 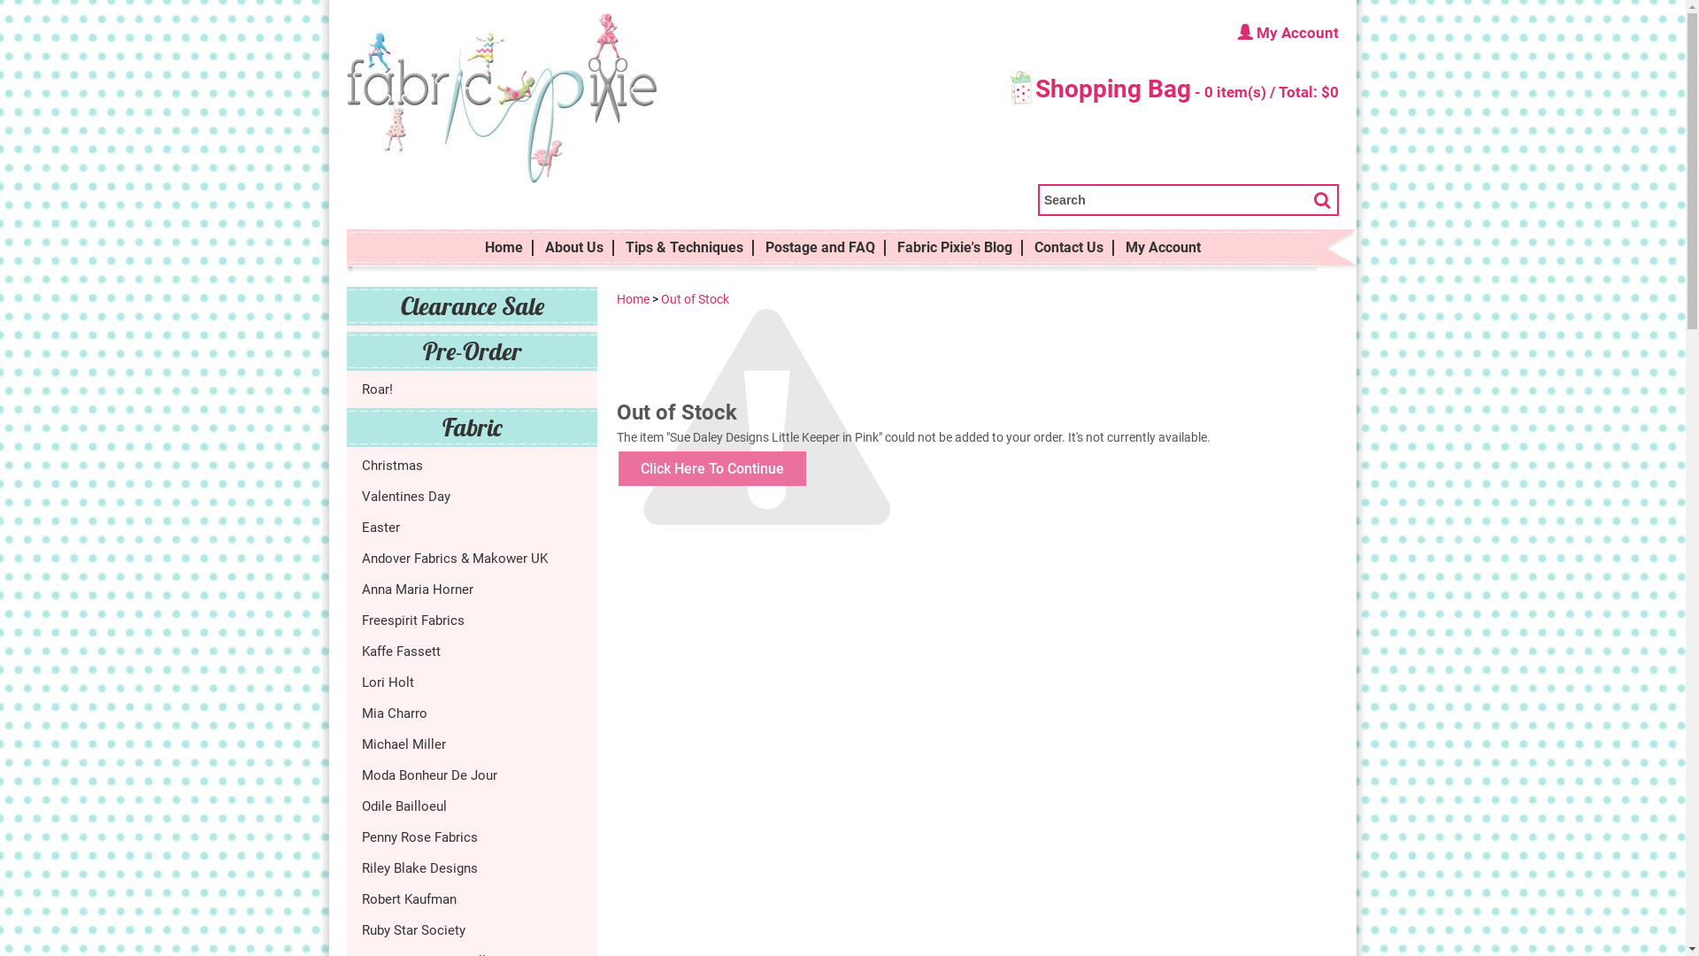 What do you see at coordinates (573, 248) in the screenshot?
I see `'About Us'` at bounding box center [573, 248].